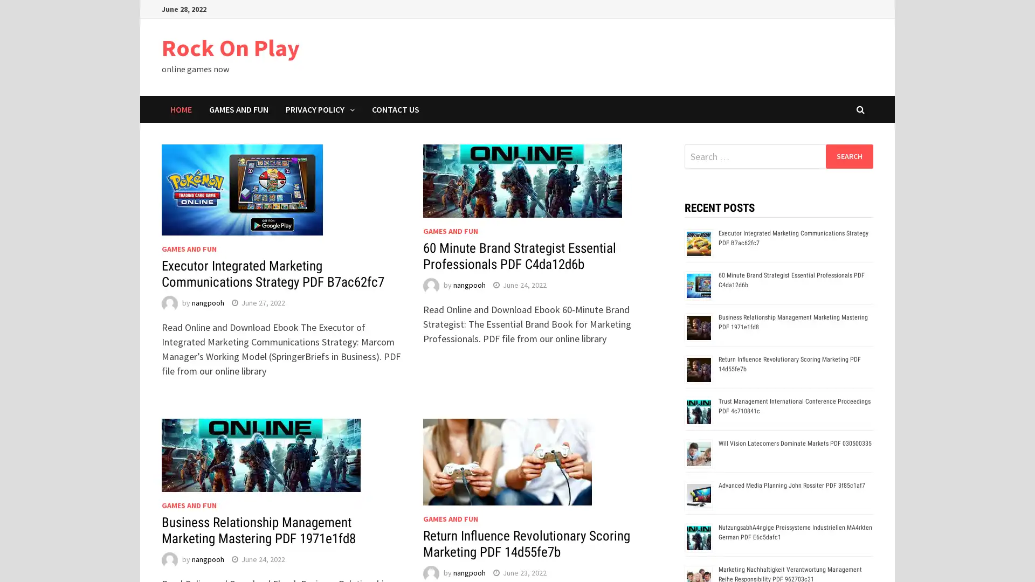 This screenshot has width=1035, height=582. Describe the element at coordinates (848, 156) in the screenshot. I see `Search` at that location.